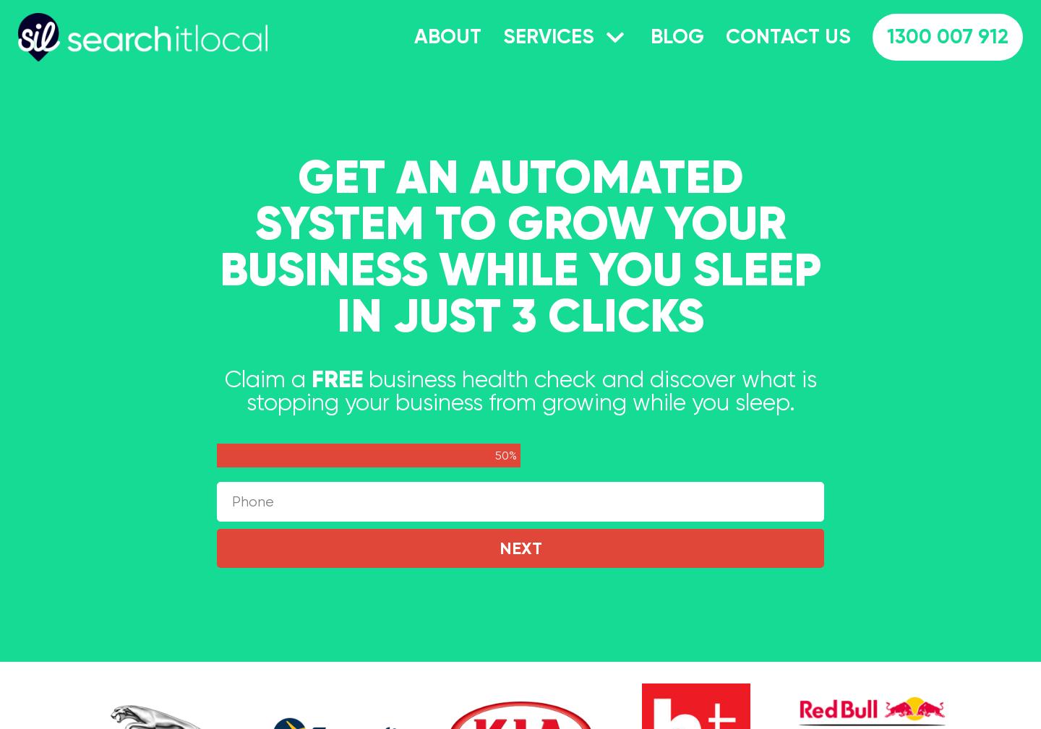 The width and height of the screenshot is (1041, 729). Describe the element at coordinates (447, 35) in the screenshot. I see `'About'` at that location.